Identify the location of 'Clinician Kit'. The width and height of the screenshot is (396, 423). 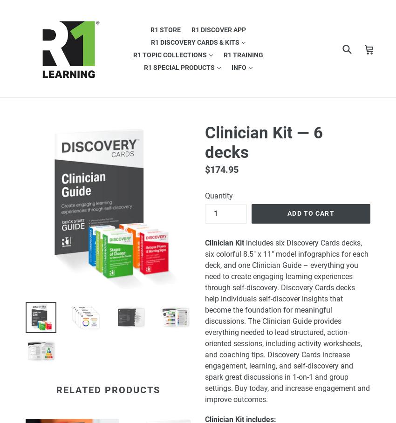
(225, 242).